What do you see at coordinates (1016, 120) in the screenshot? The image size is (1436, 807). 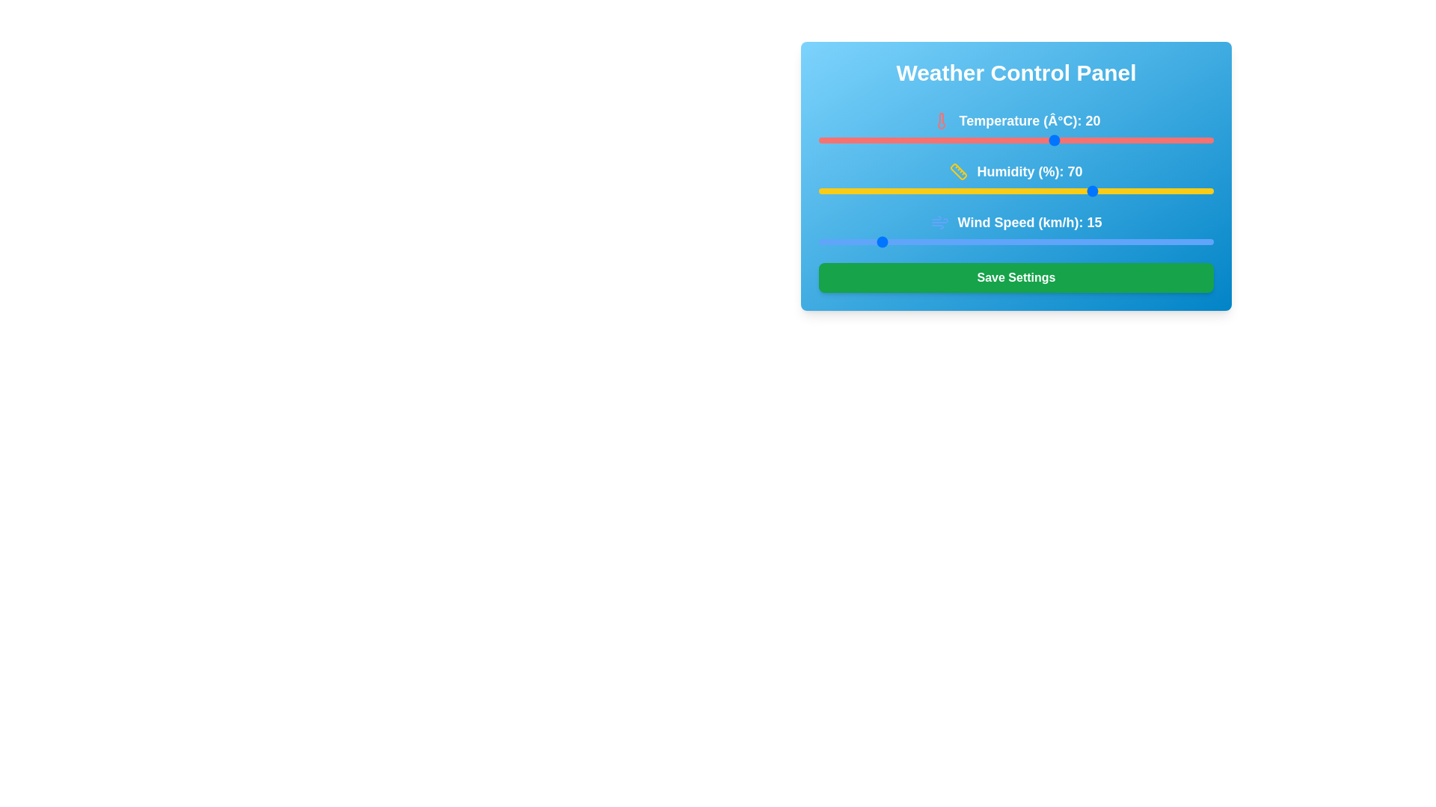 I see `the static text displaying the current temperature (20°C) in the Weather Control Panel, located at the top left of the blue panel, above the red slider bar` at bounding box center [1016, 120].